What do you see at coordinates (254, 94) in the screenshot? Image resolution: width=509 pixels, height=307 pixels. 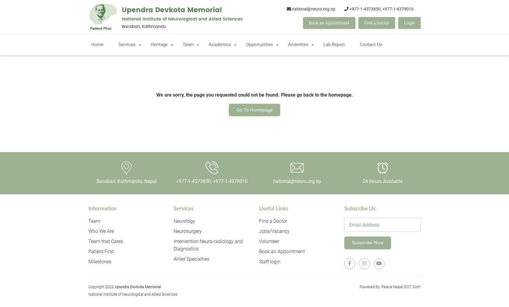 I see `'We are sorry, the page you requested could not be found. Please go back to the homepage.'` at bounding box center [254, 94].